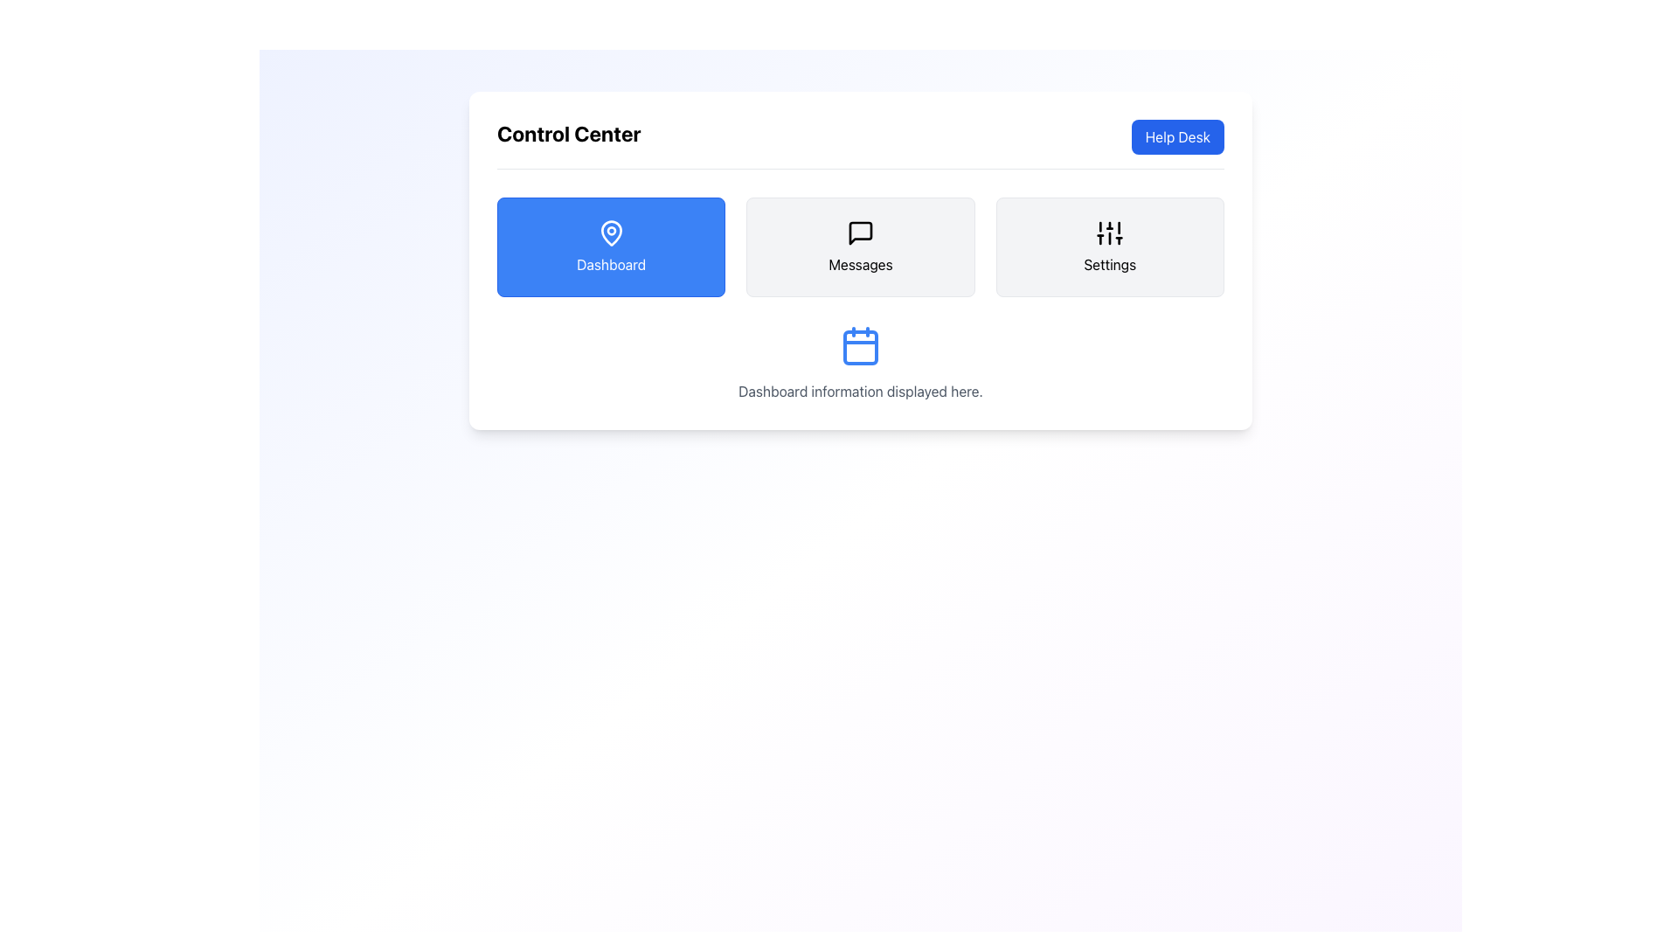 The width and height of the screenshot is (1678, 944). I want to click on the 'Dashboard' label which is the leftmost button under the 'Control Center' heading, so click(611, 265).